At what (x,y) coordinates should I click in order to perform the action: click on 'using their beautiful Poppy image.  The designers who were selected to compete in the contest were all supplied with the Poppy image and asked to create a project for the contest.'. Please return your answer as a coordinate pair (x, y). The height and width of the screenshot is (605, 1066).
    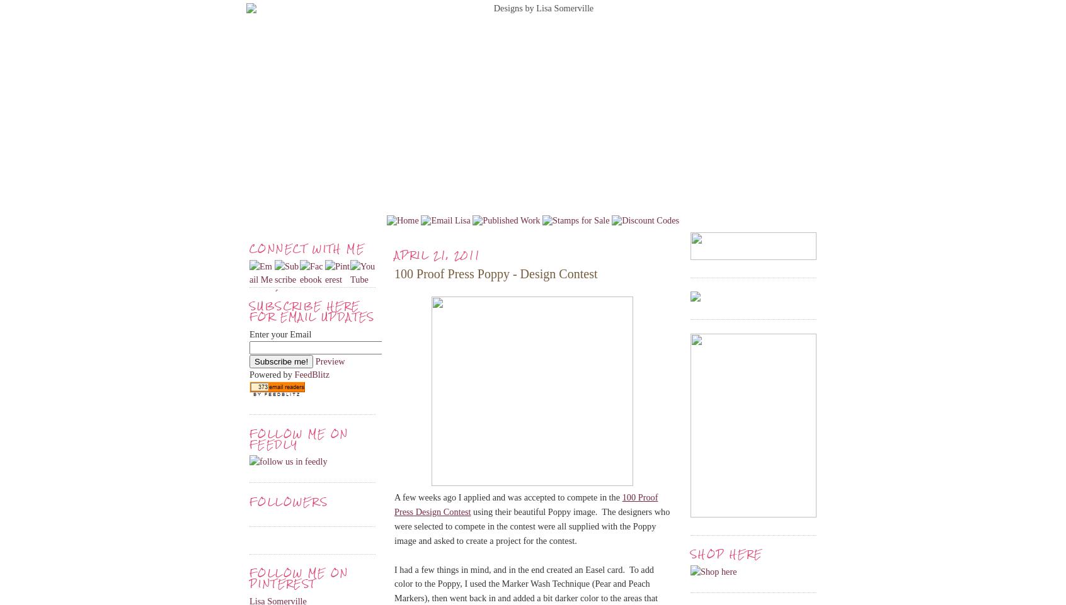
    Looking at the image, I should click on (532, 526).